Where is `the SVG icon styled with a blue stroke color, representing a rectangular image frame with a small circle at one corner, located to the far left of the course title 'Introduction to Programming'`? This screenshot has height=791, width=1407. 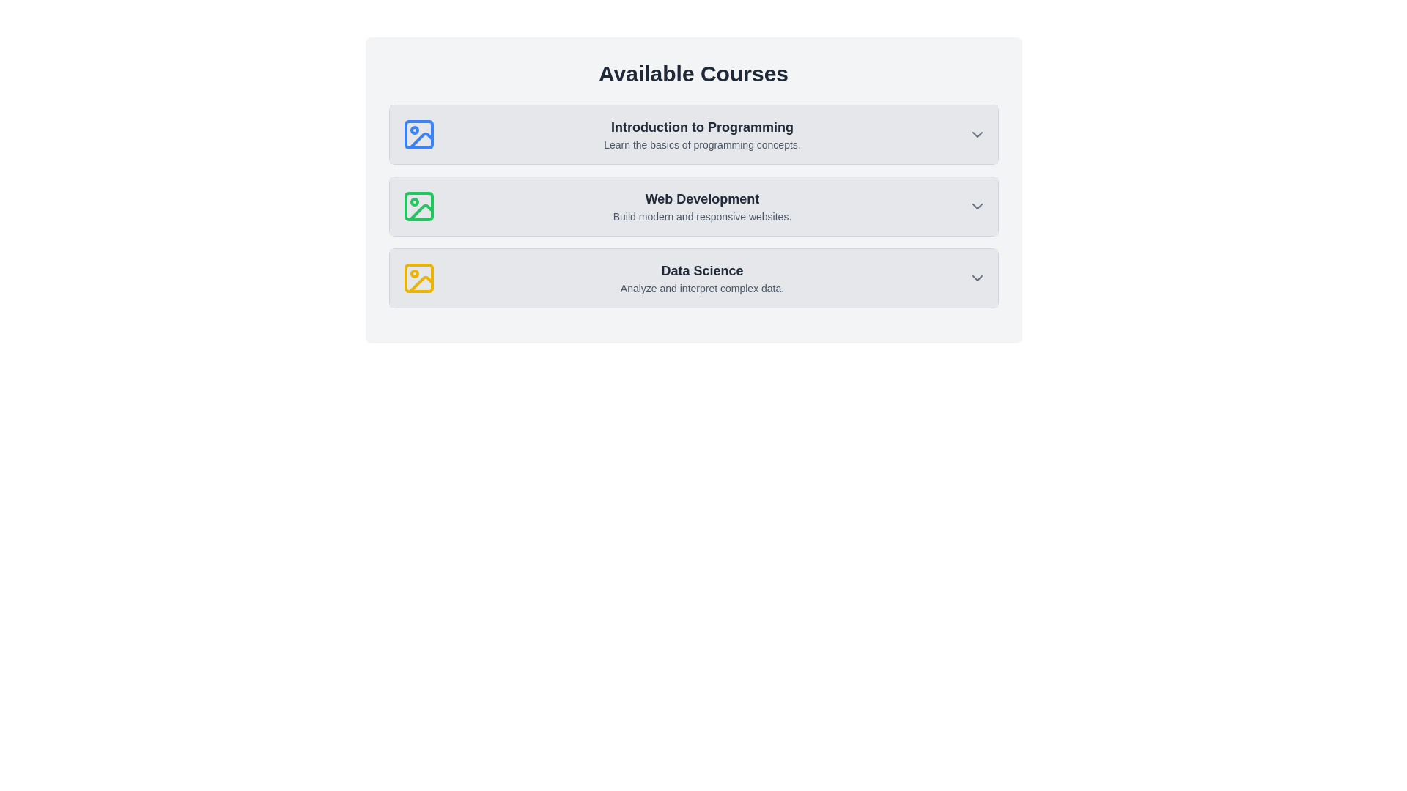 the SVG icon styled with a blue stroke color, representing a rectangular image frame with a small circle at one corner, located to the far left of the course title 'Introduction to Programming' is located at coordinates (418, 135).